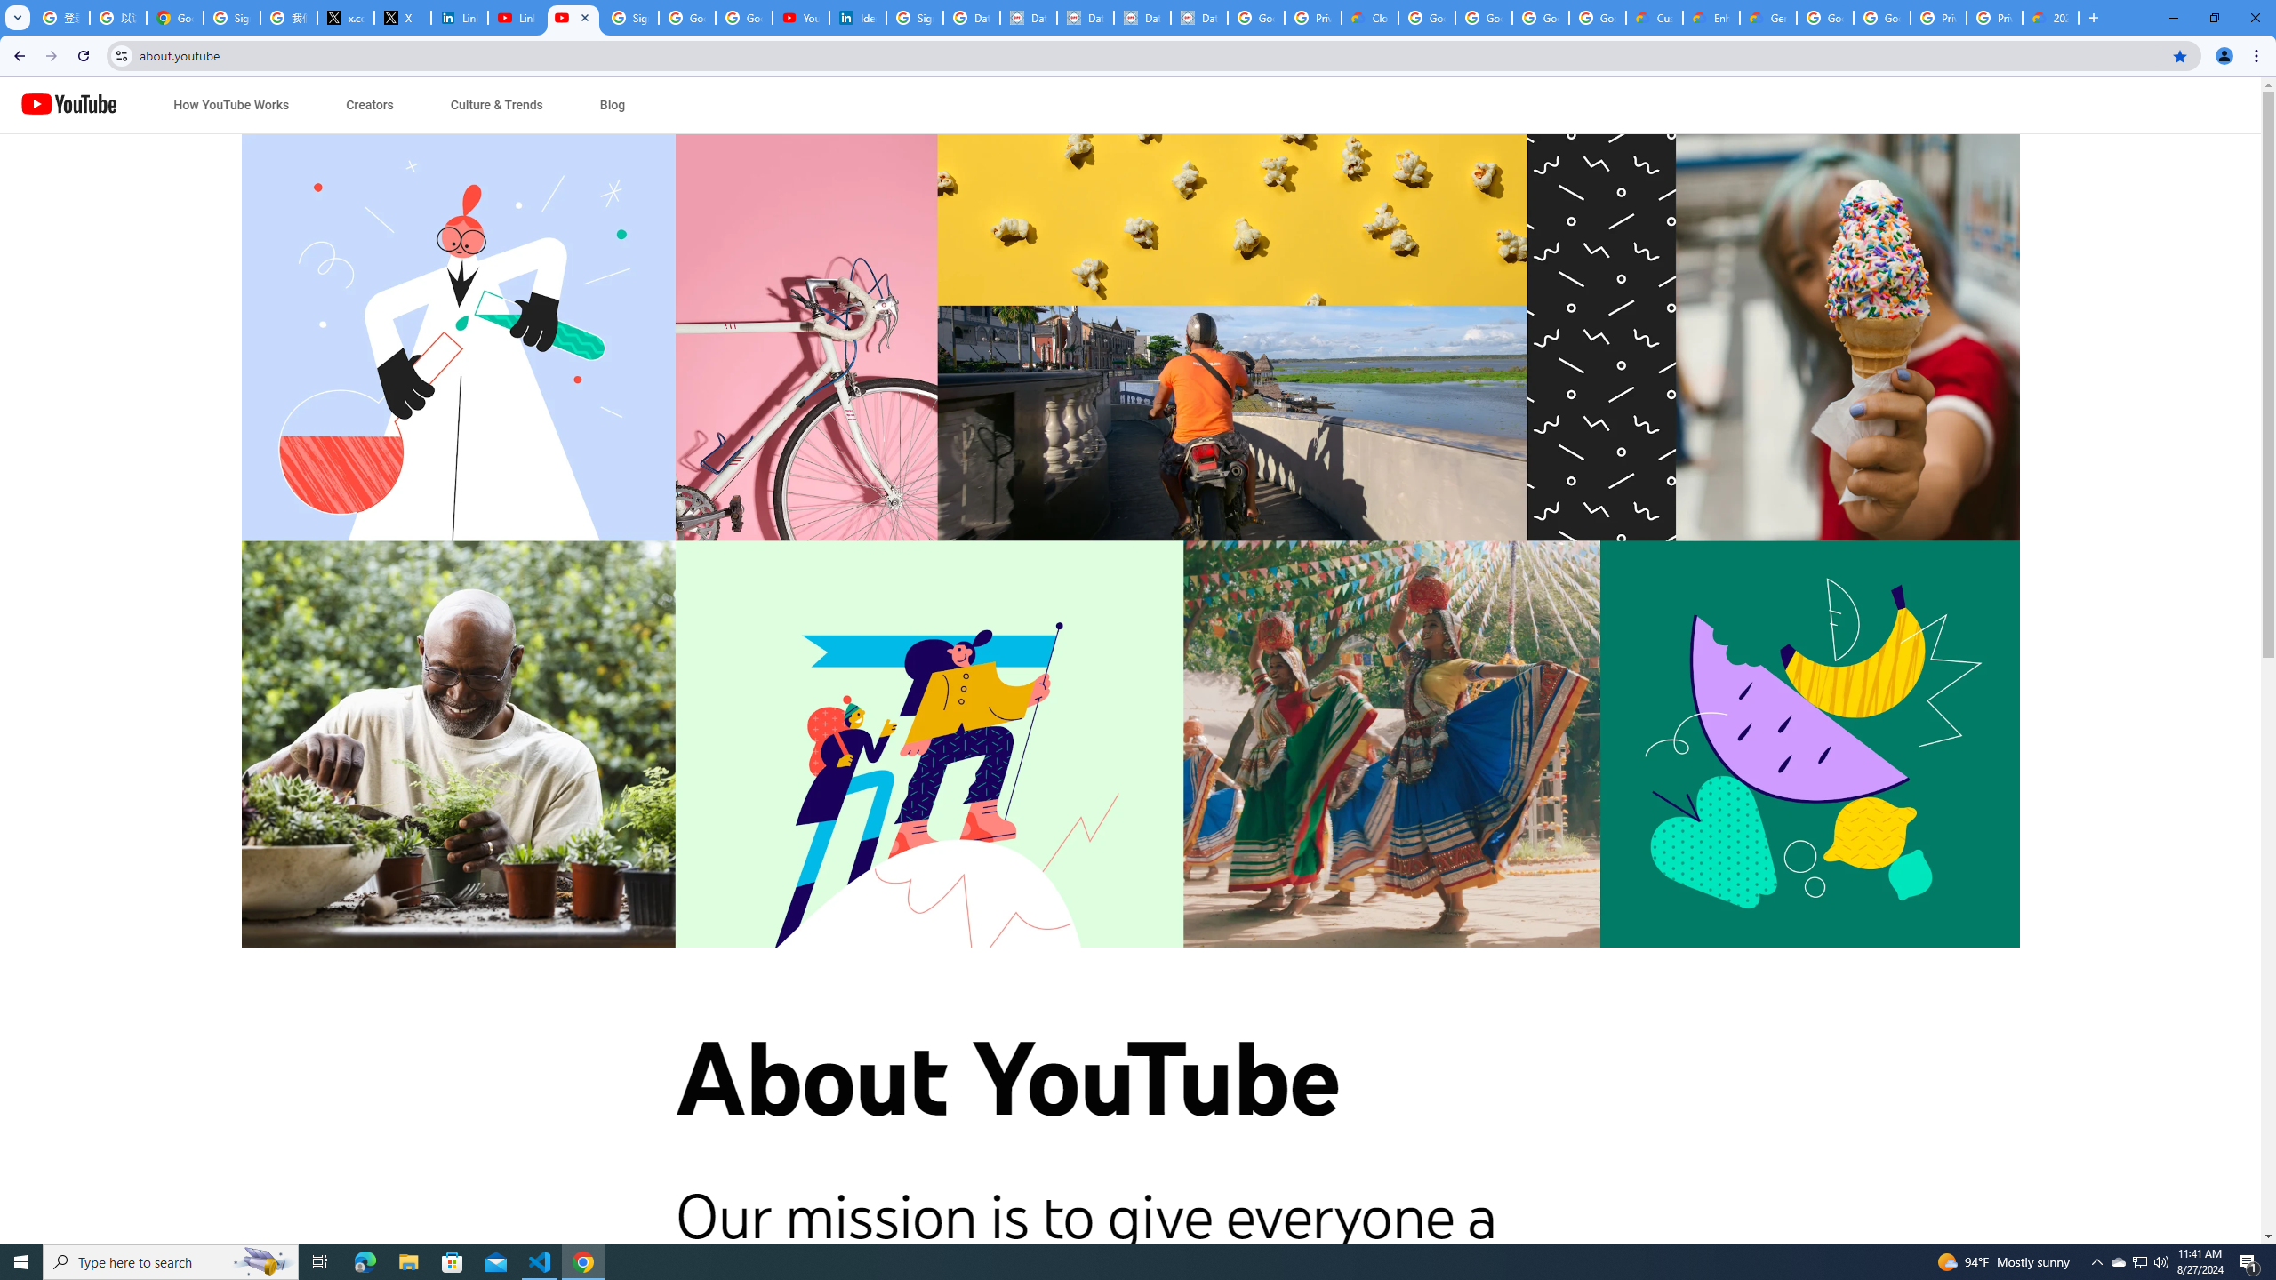  Describe the element at coordinates (1654, 17) in the screenshot. I see `'Customer Care | Google Cloud'` at that location.